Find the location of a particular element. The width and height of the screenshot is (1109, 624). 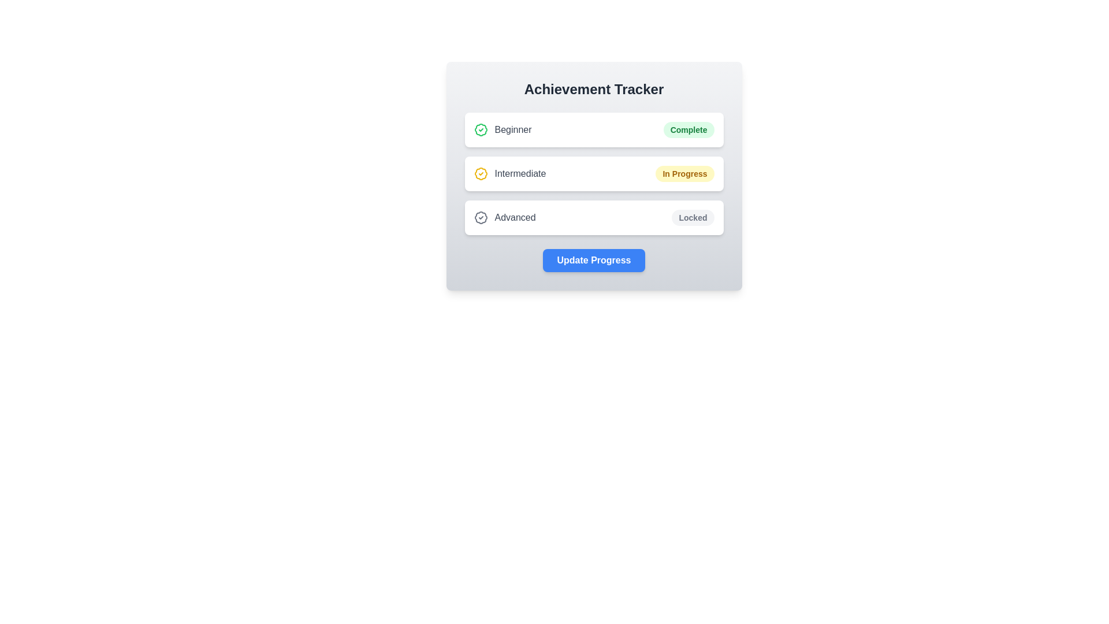

the circular badge-like icon that is part of an SVG group, positioned near the 'Advanced' label in the interface is located at coordinates (481, 218).